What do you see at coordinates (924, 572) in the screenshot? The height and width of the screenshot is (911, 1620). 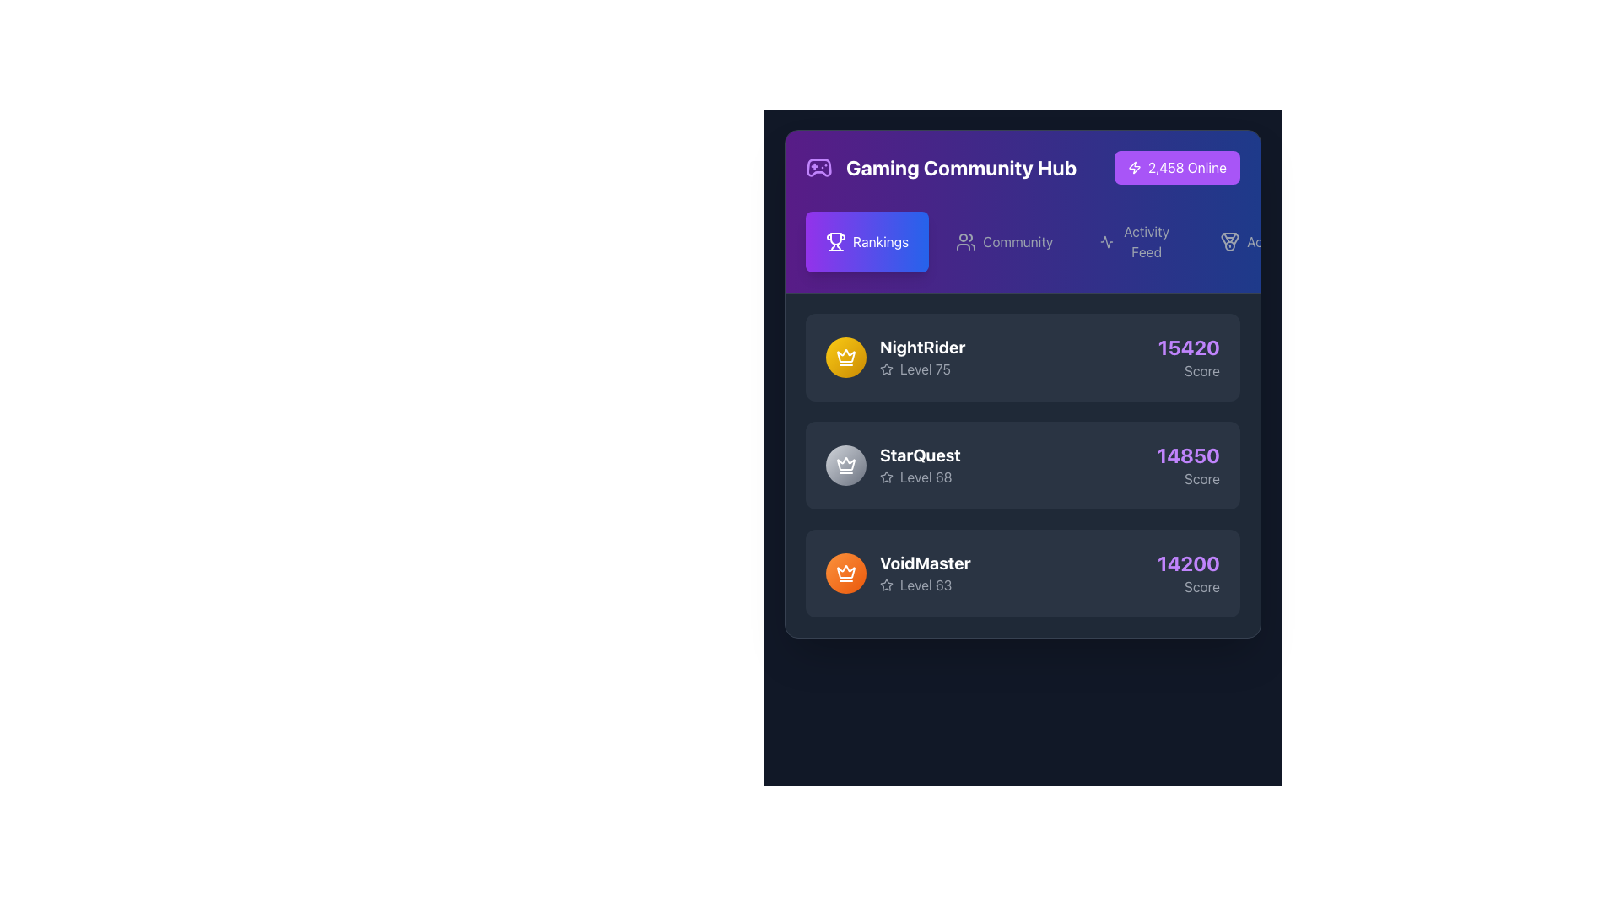 I see `the Text Display showing the username 'VoidMaster' located in the leaderboard section, specifically in the third position below 'StarQuest Level 68'` at bounding box center [924, 572].